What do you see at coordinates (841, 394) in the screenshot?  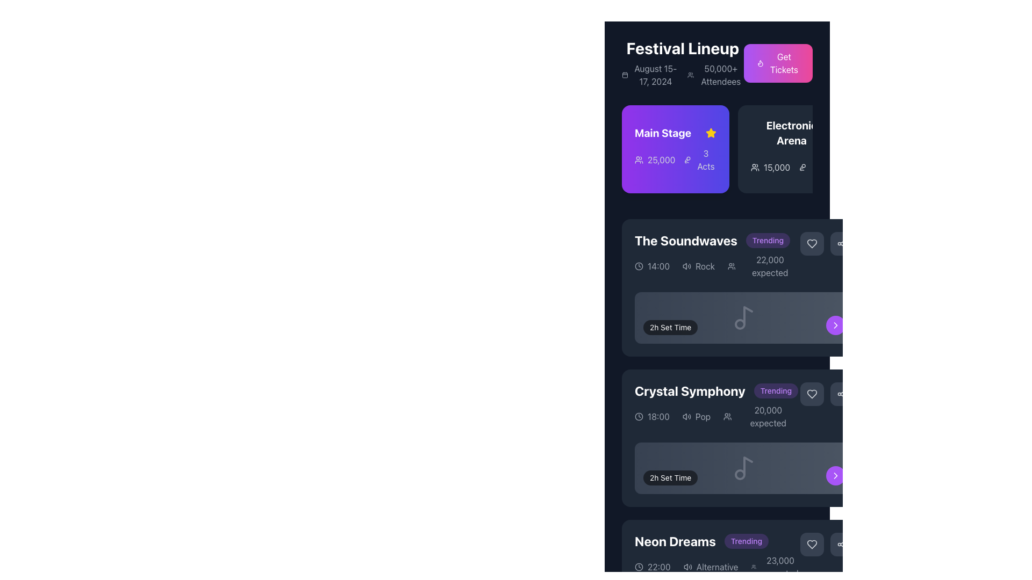 I see `the circular sharing button with three connected dots in the upper-right corner of the 'Crystal Symphony' section` at bounding box center [841, 394].